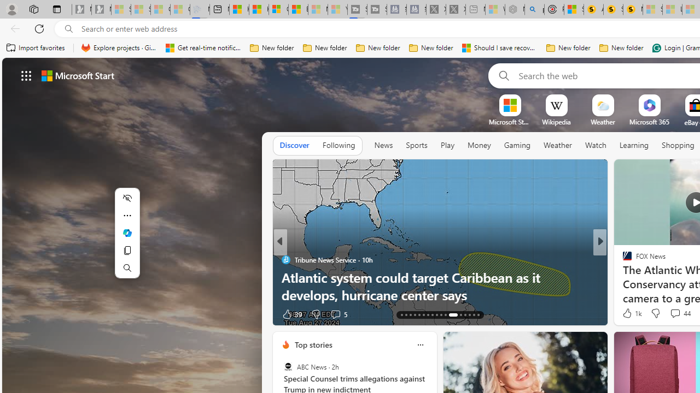 Image resolution: width=700 pixels, height=393 pixels. What do you see at coordinates (418, 315) in the screenshot?
I see `'AutomationID: tab-17'` at bounding box center [418, 315].